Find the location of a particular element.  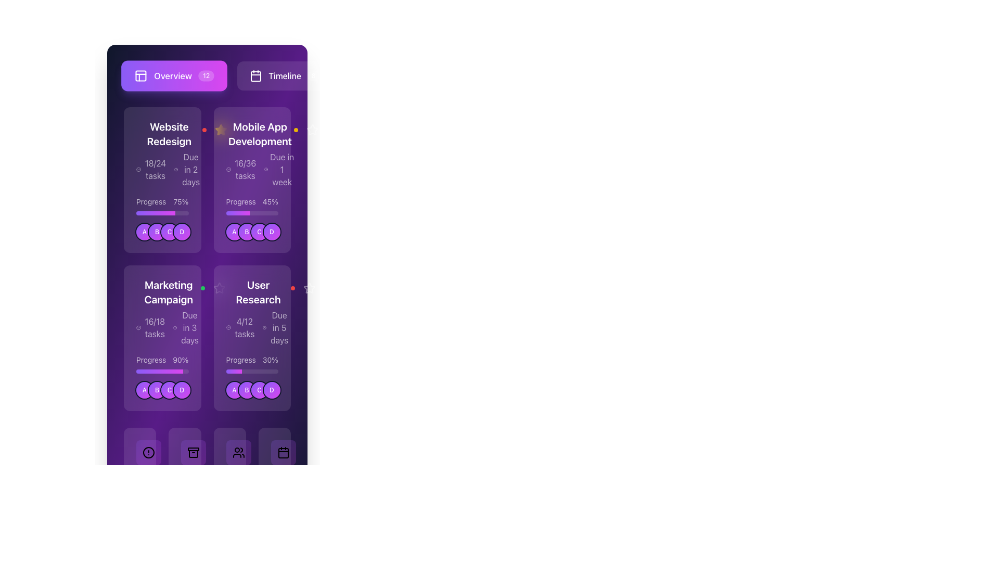

keyboard navigation is located at coordinates (162, 180).